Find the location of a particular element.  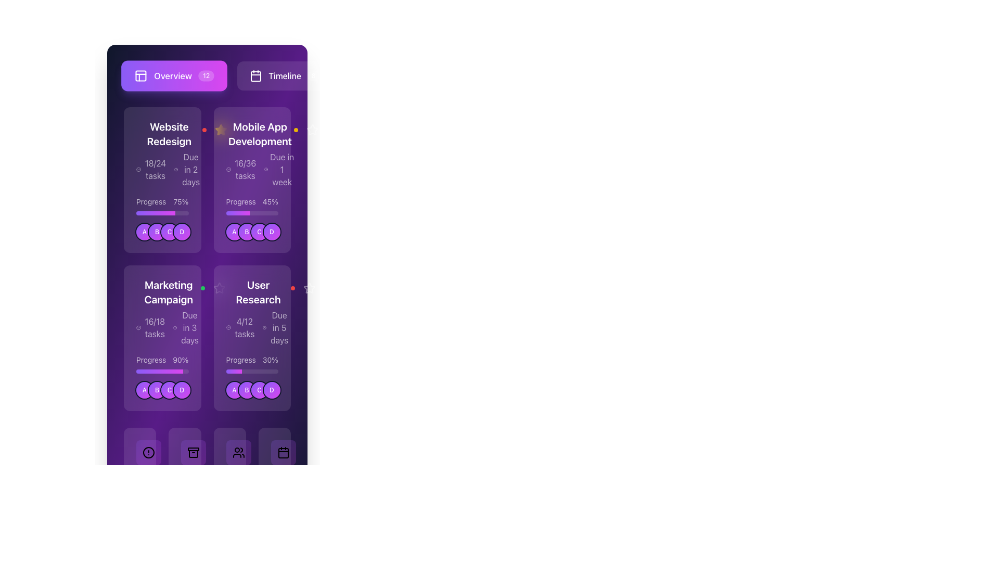

keyboard navigation is located at coordinates (162, 180).